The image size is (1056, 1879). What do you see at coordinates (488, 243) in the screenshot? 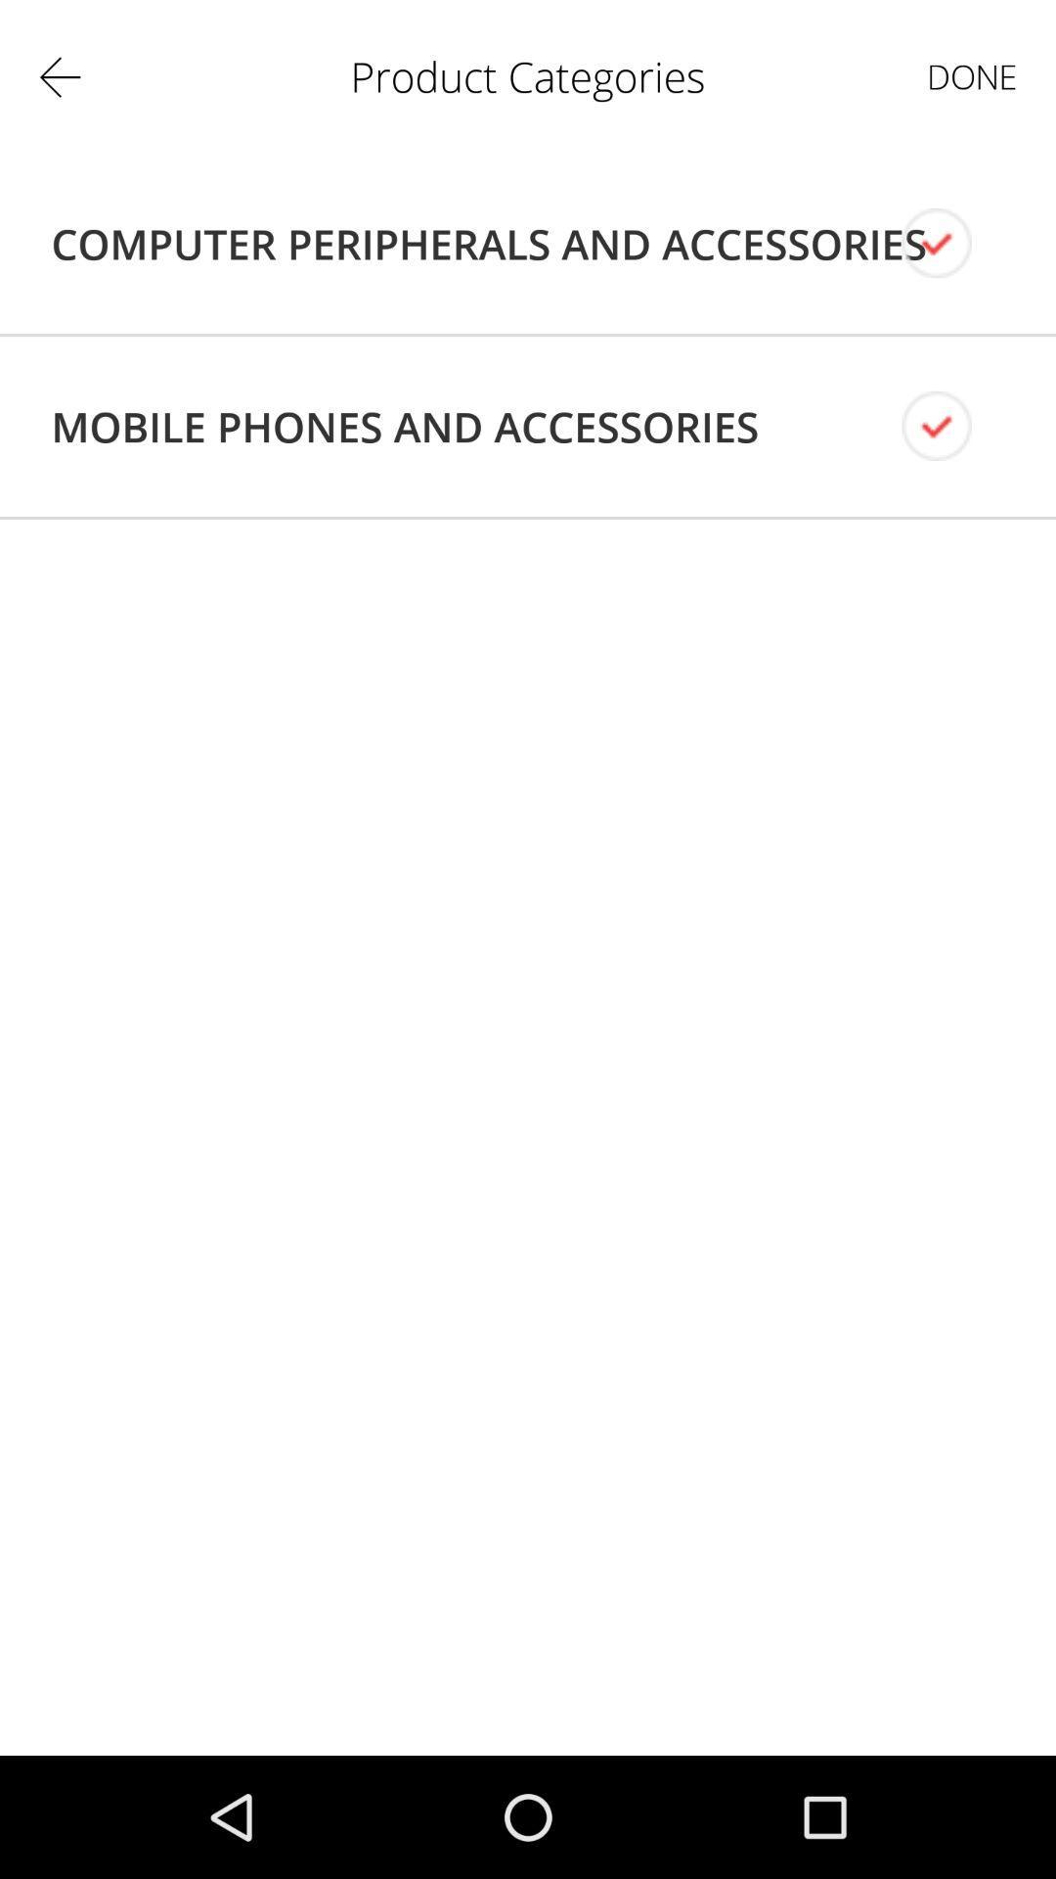
I see `computer peripherals and icon` at bounding box center [488, 243].